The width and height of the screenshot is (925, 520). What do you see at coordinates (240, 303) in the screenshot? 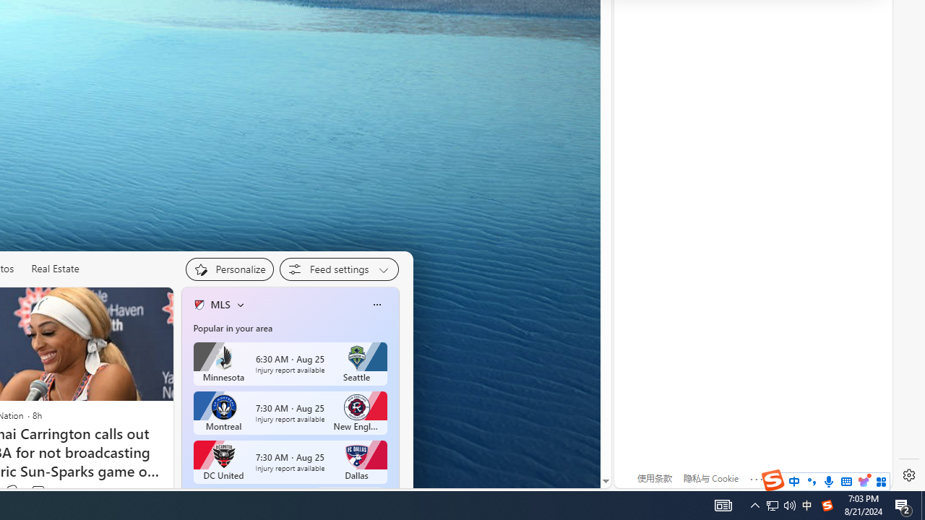
I see `'More interests'` at bounding box center [240, 303].